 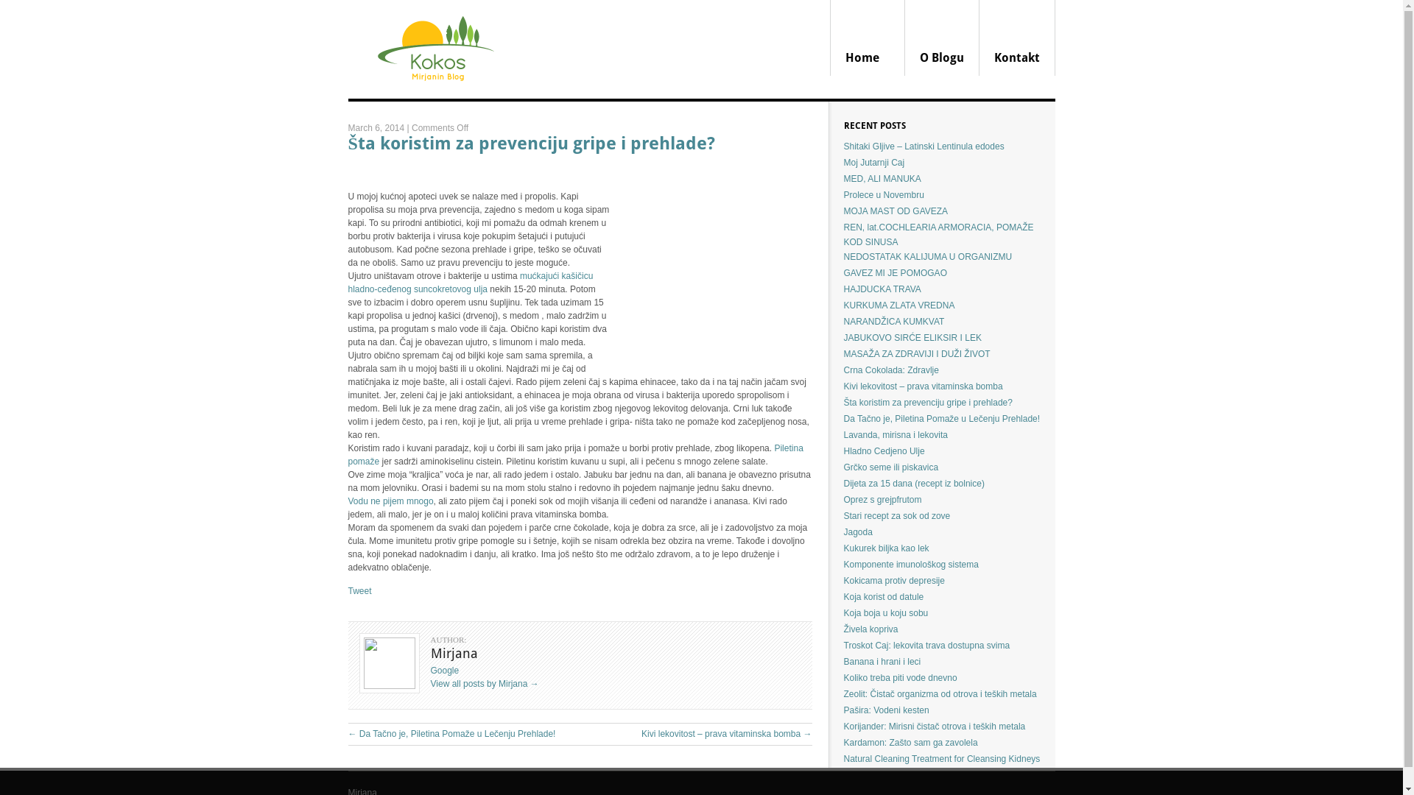 What do you see at coordinates (359, 590) in the screenshot?
I see `'Tweet'` at bounding box center [359, 590].